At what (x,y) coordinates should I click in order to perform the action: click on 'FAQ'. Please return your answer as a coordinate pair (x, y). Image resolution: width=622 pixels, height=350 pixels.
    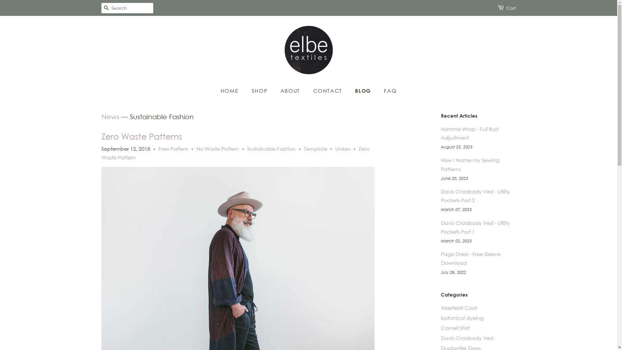
    Looking at the image, I should click on (387, 91).